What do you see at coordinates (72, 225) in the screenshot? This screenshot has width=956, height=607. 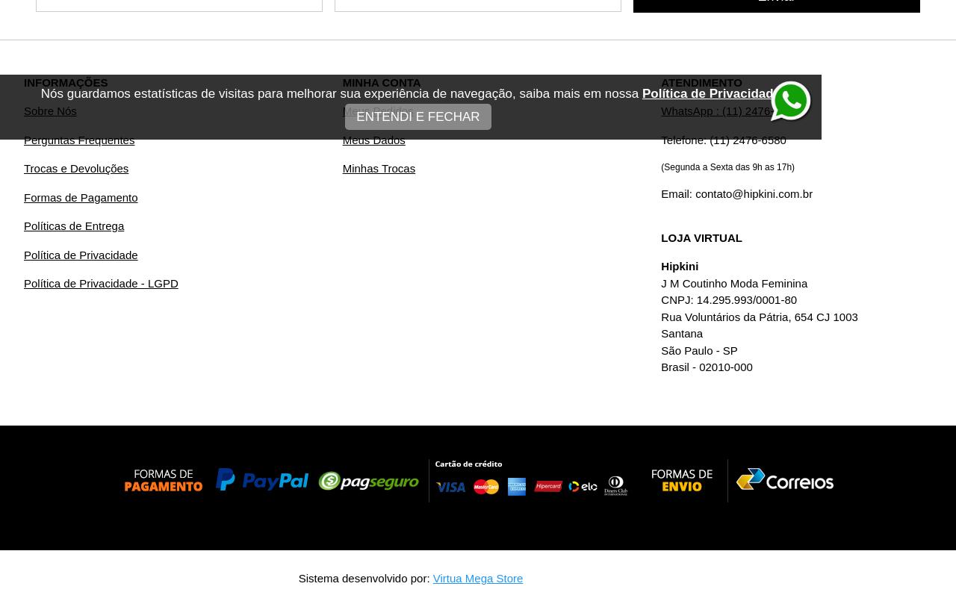 I see `'Políticas de Entrega'` at bounding box center [72, 225].